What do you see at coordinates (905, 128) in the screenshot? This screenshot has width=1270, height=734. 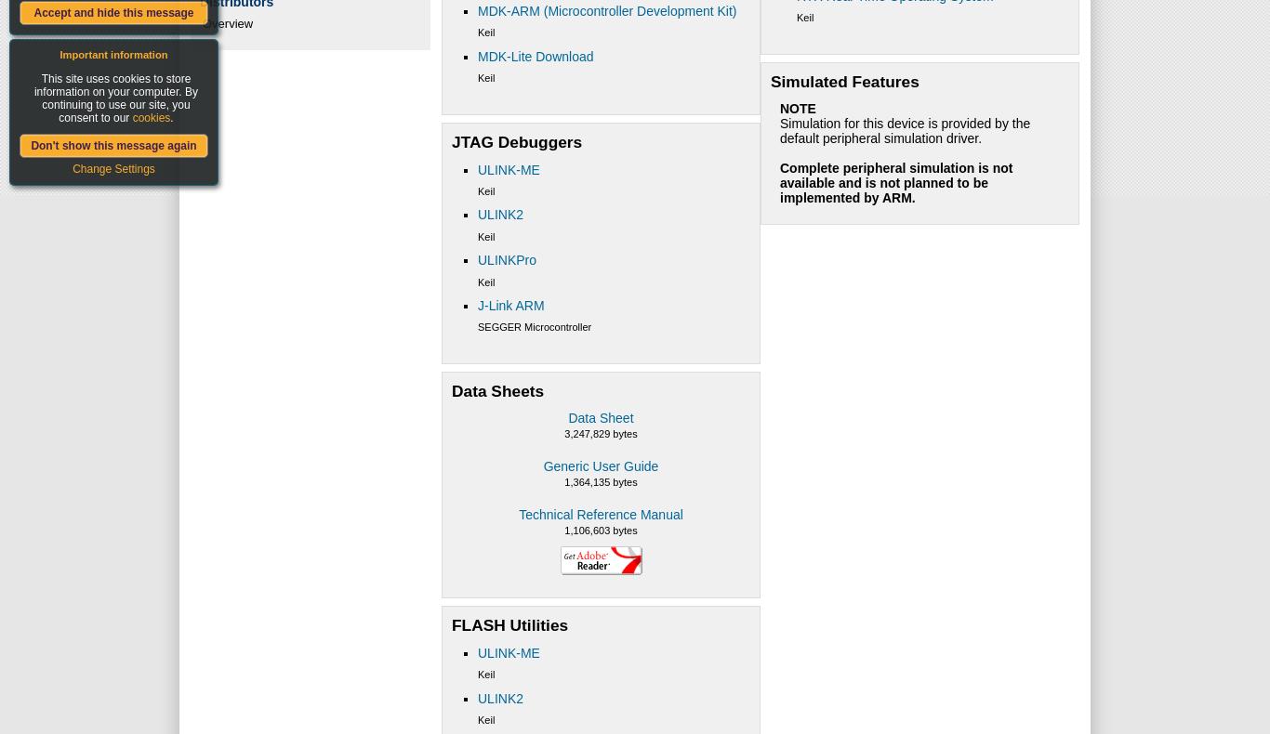 I see `'Simulation for this device is provided by the
        default peripheral simulation driver.'` at bounding box center [905, 128].